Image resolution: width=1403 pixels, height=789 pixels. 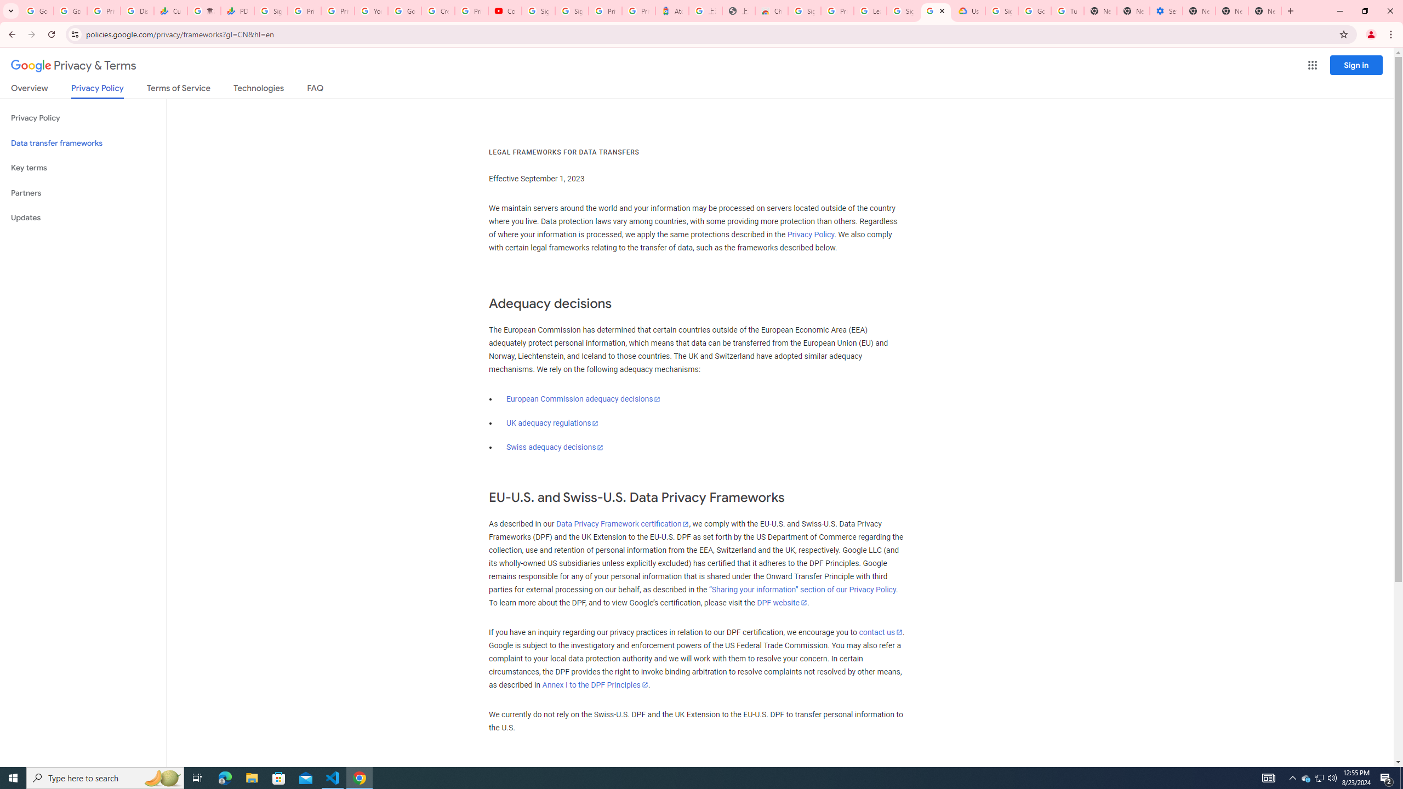 I want to click on 'PDD Holdings Inc - ADR (PDD) Price & News - Google Finance', so click(x=237, y=10).